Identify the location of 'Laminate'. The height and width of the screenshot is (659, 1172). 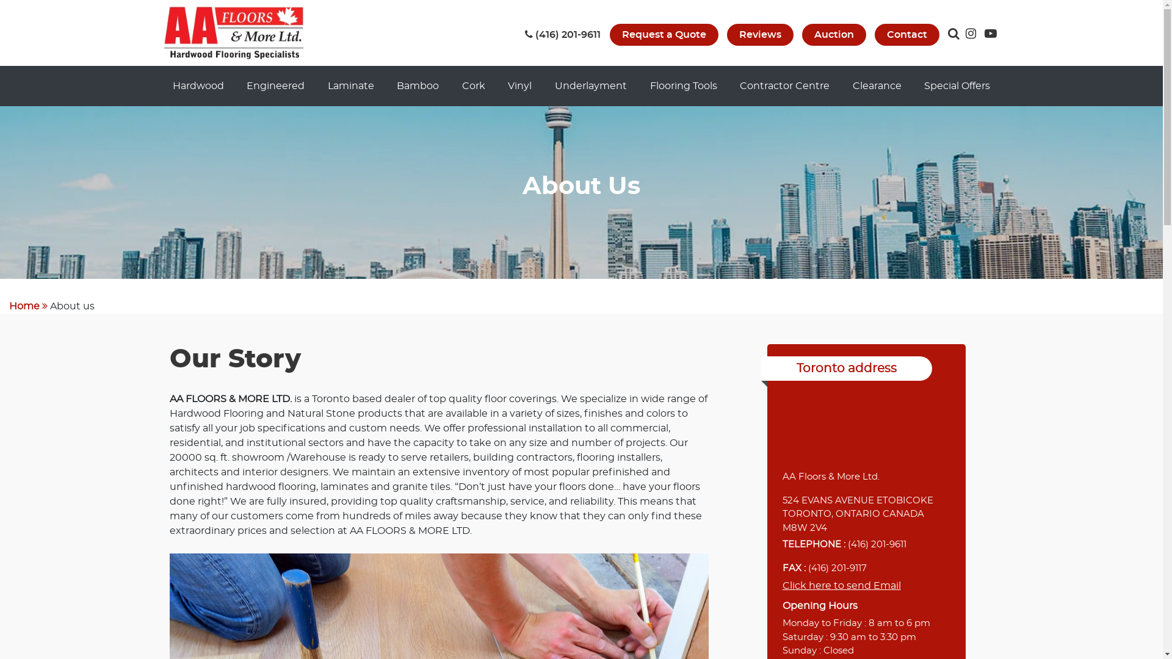
(350, 85).